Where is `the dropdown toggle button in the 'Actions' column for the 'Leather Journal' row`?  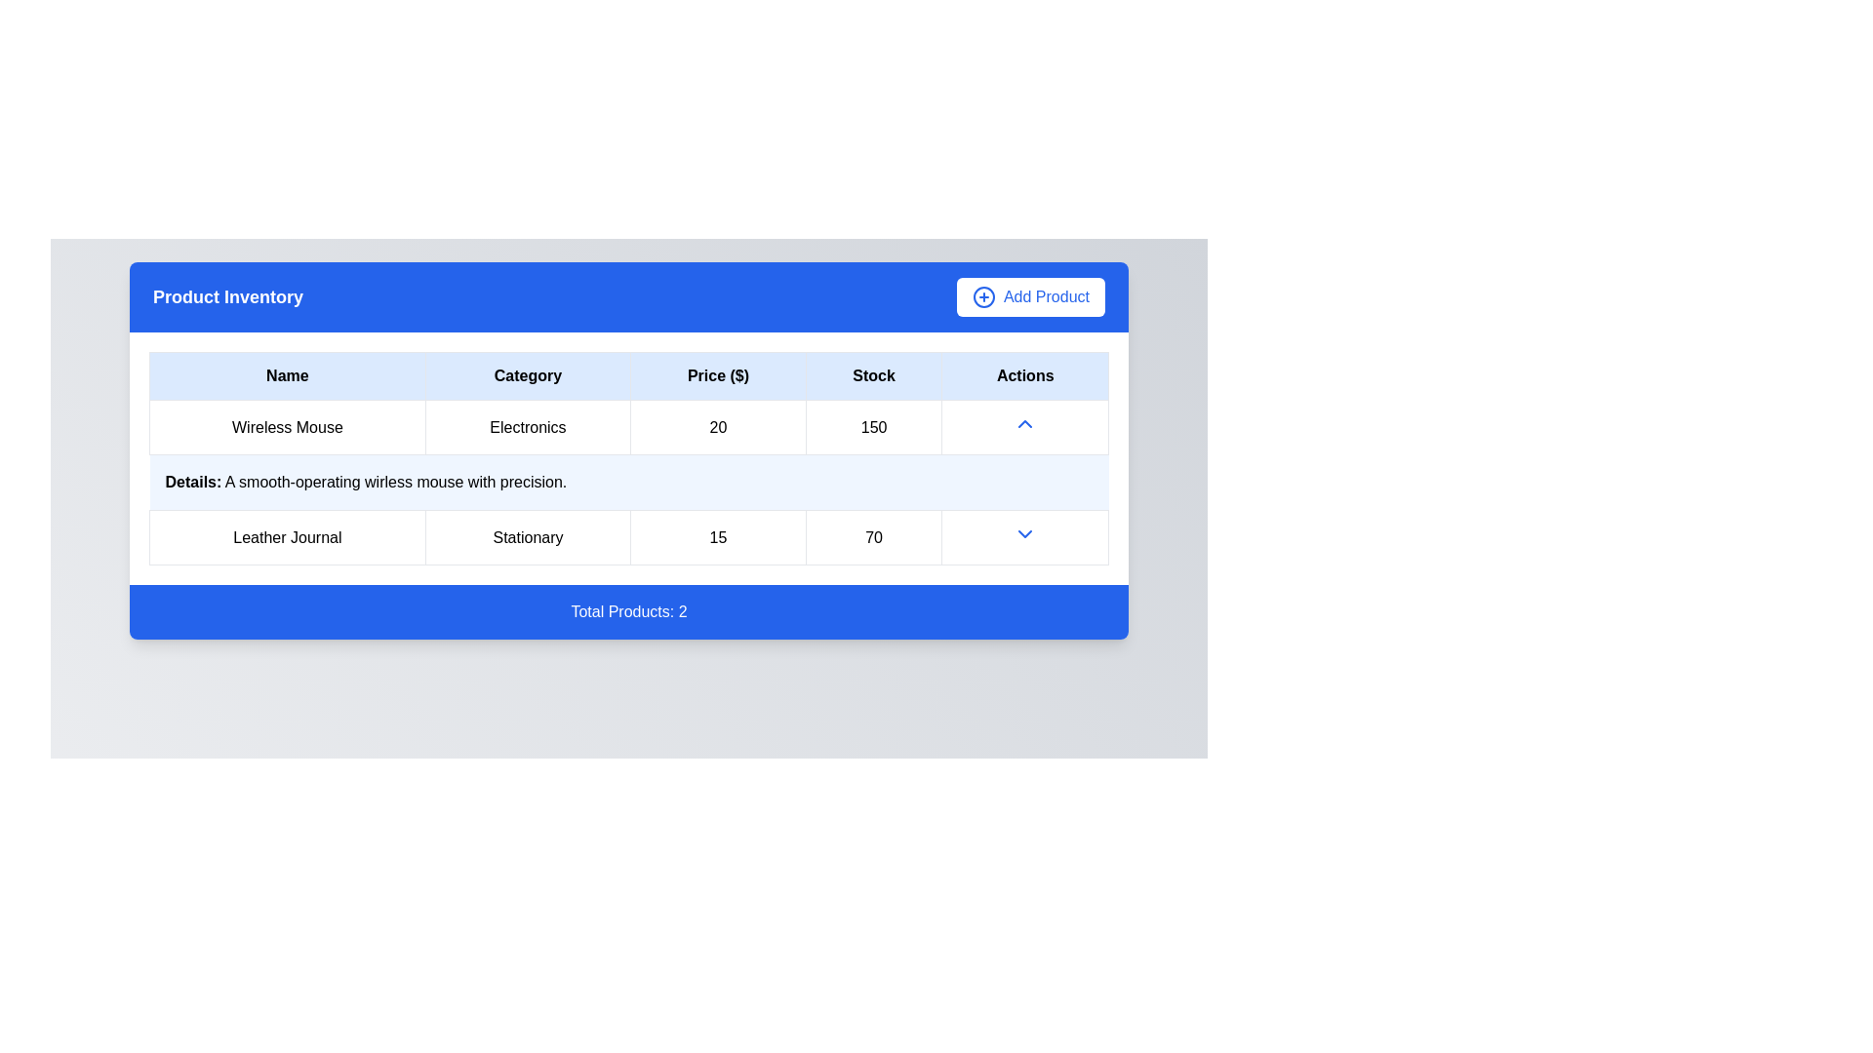
the dropdown toggle button in the 'Actions' column for the 'Leather Journal' row is located at coordinates (1024, 537).